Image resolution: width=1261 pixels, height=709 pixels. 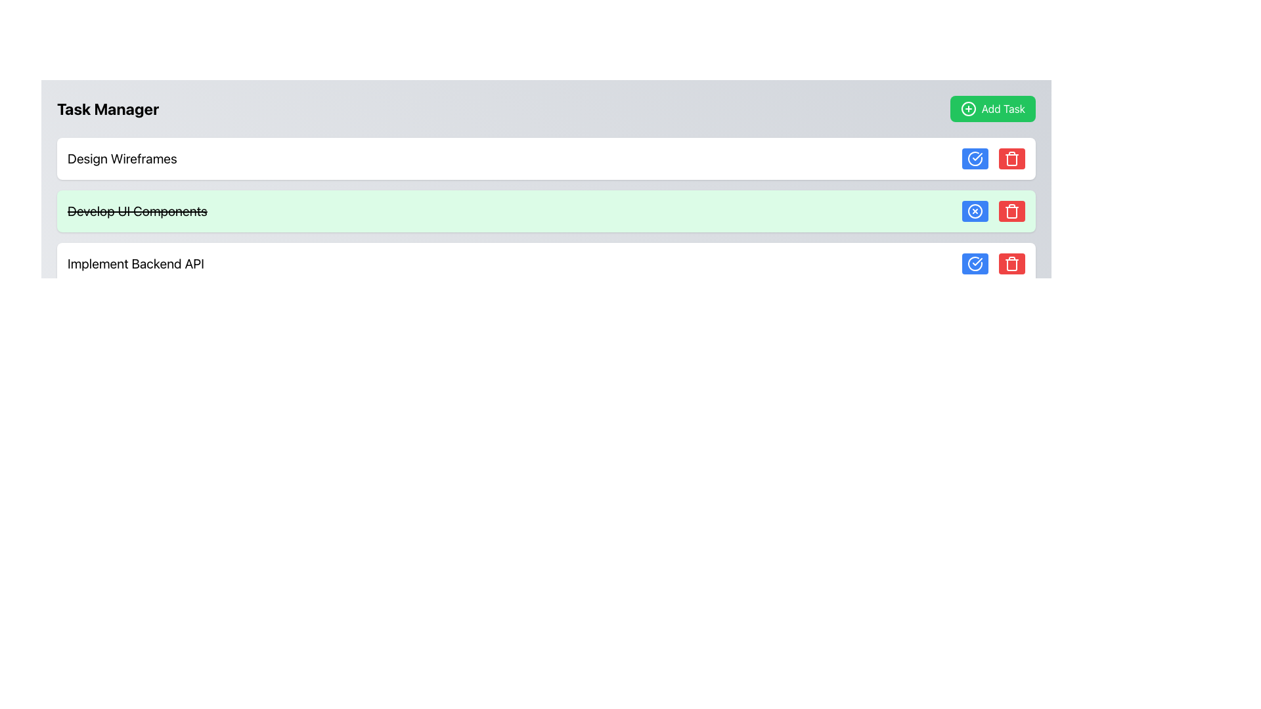 I want to click on to interact with the completed task labeled 'Develop UI Components', which is the second entry in the task list with a strikethrough style, so click(x=546, y=210).